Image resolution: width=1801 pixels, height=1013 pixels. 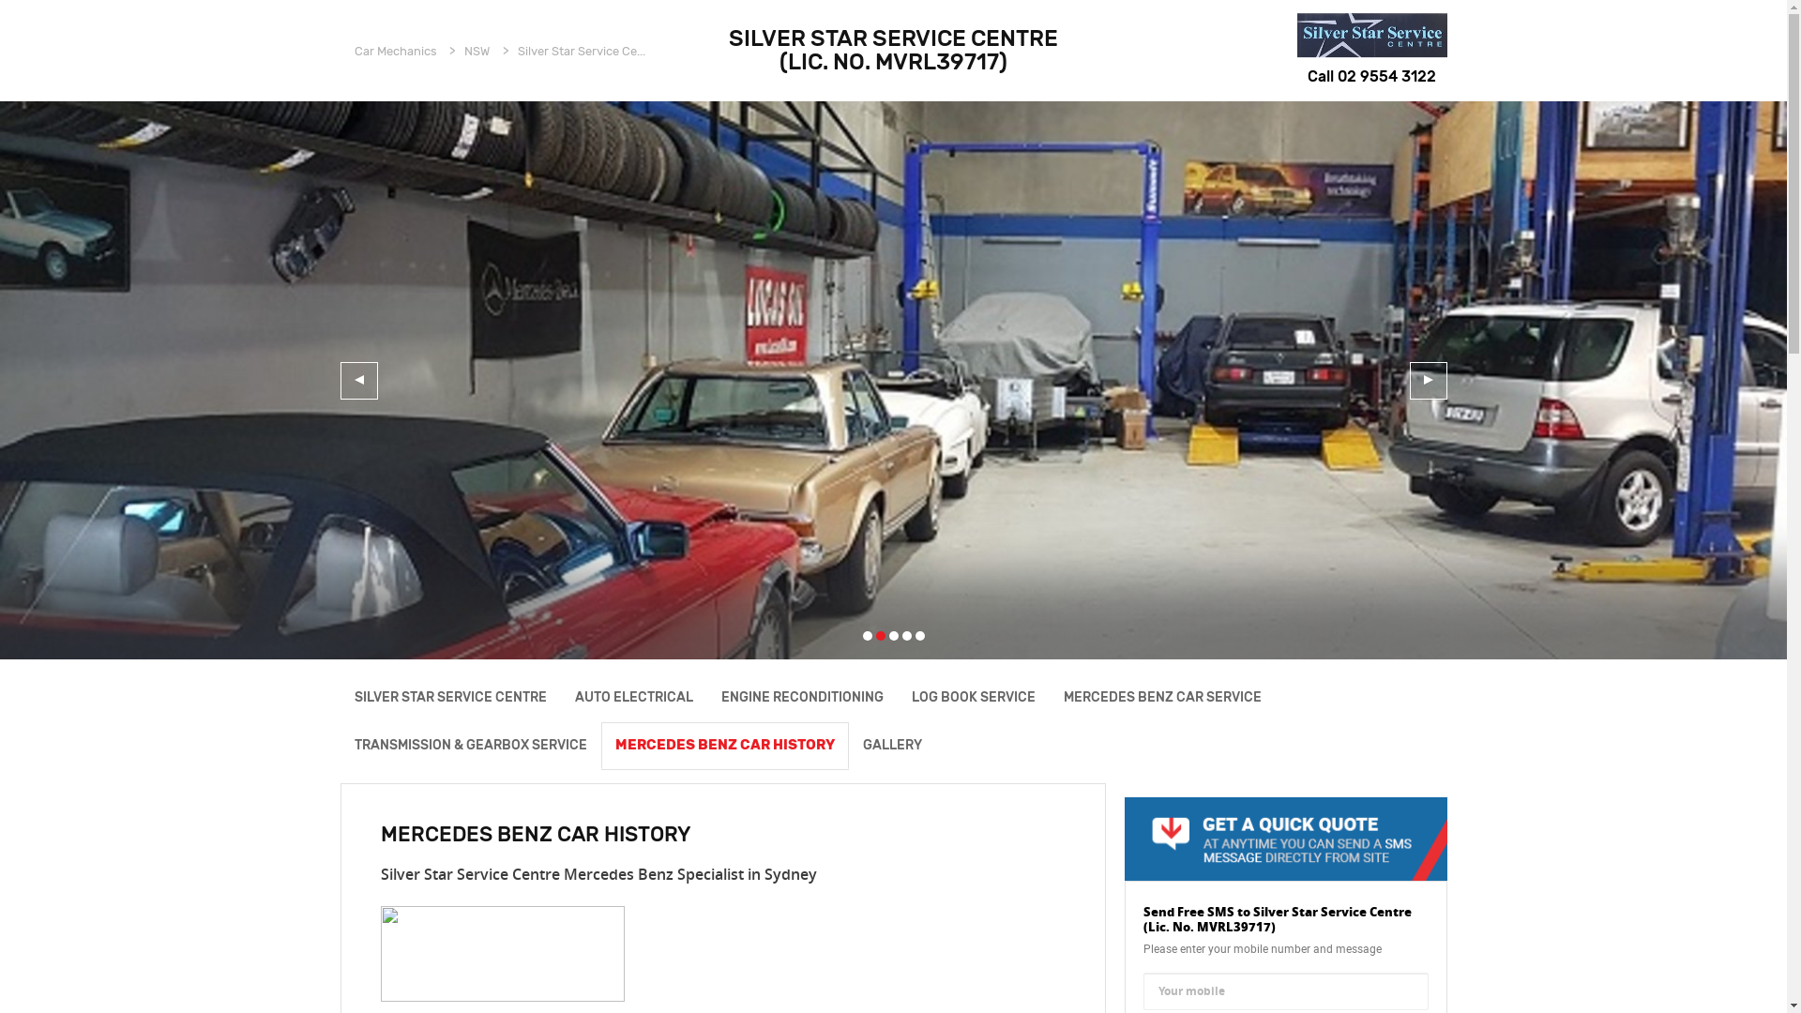 What do you see at coordinates (598, 744) in the screenshot?
I see `'MERCEDES BENZ CAR HISTORY'` at bounding box center [598, 744].